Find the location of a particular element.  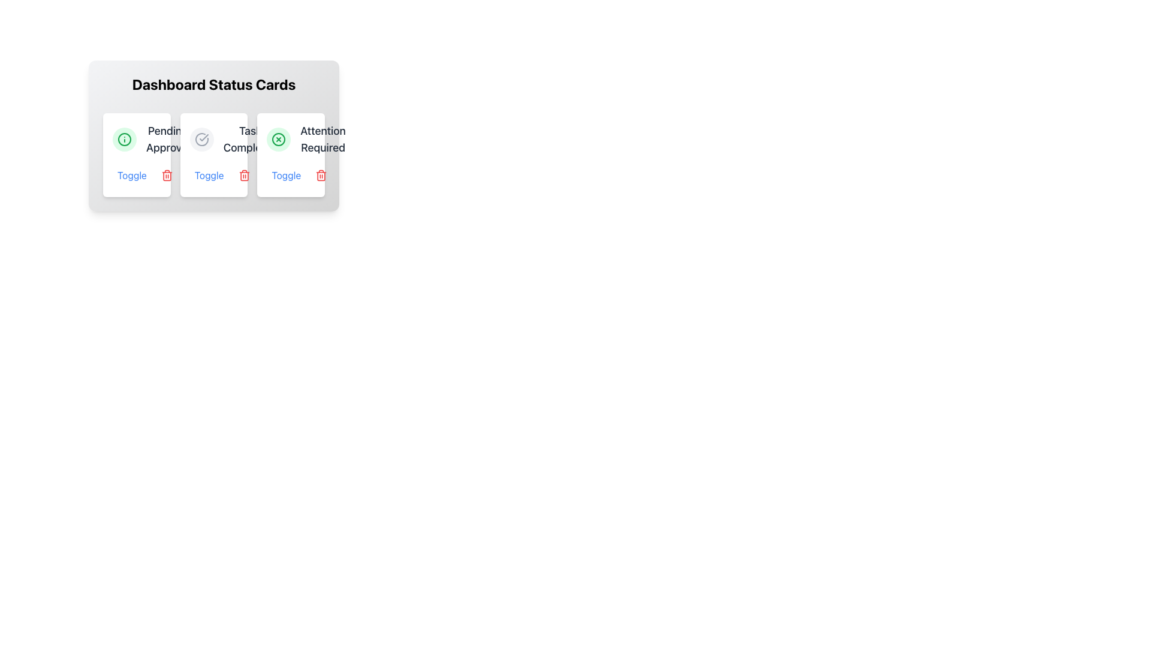

the delete button located in the bottom right corner of the 'Dashboard Status Cards' section, below the 'Pending Approval' text is located at coordinates (166, 176).